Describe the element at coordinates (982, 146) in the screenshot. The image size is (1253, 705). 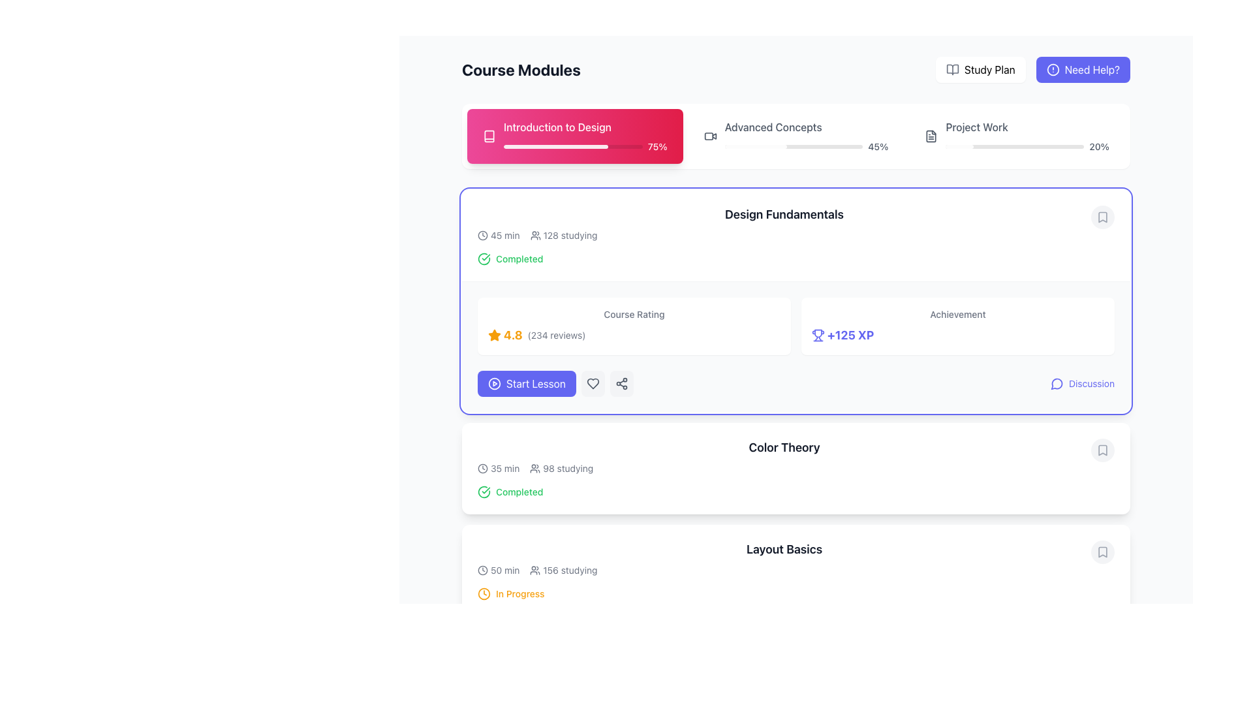
I see `the Project Work progress` at that location.